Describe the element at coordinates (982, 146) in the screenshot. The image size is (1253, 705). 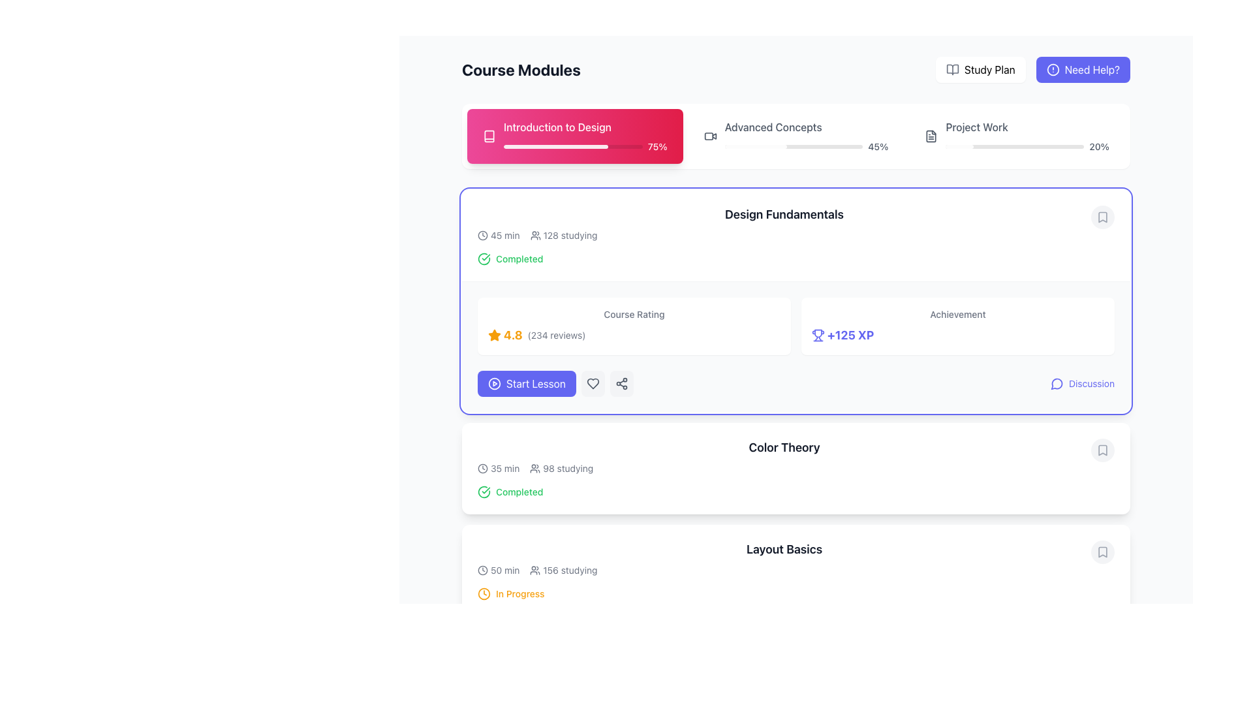
I see `the Project Work progress` at that location.